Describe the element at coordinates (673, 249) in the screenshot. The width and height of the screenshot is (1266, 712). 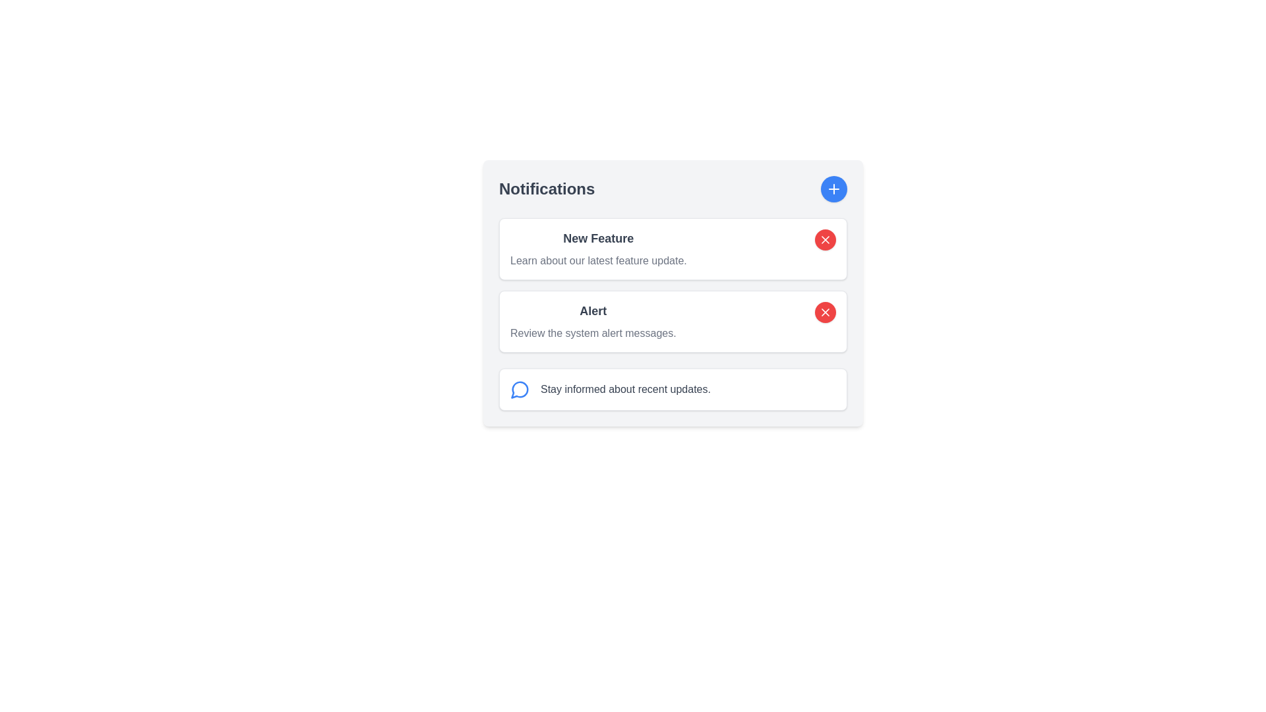
I see `description of the new feature by focusing on the Notification Card that displays 'New Feature' in bold dark gray font and the description in lighter gray font` at that location.